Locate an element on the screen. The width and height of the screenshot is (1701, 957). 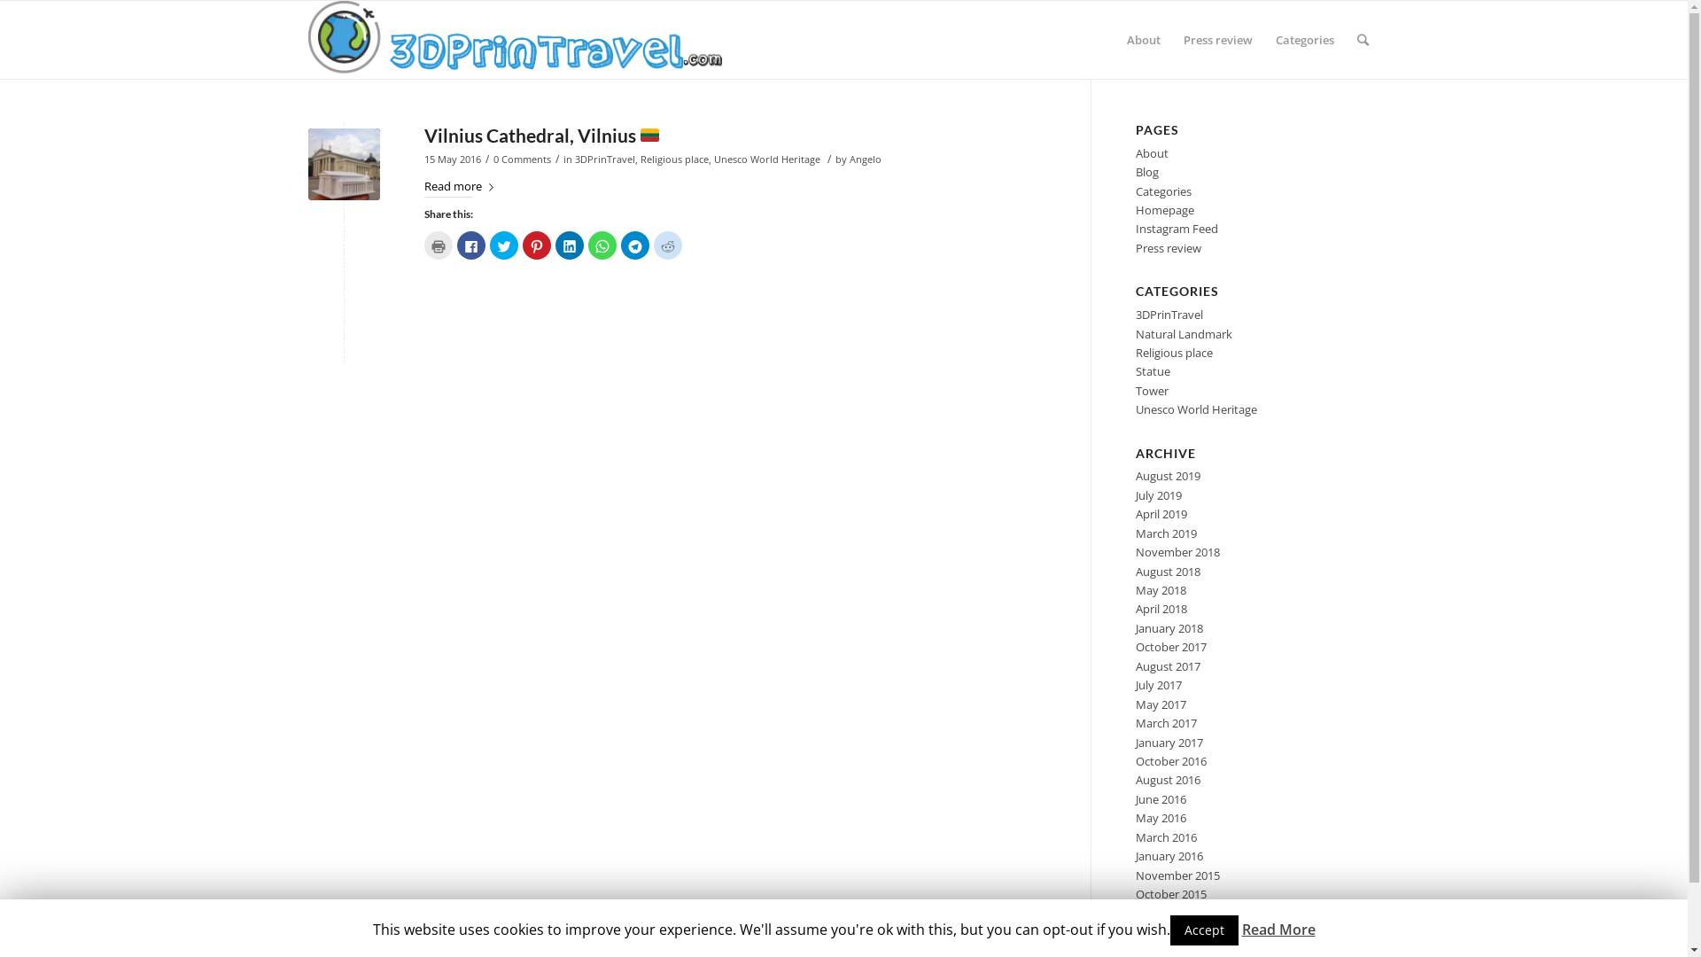
'Click to share on LinkedIn (Opens in new window)' is located at coordinates (569, 245).